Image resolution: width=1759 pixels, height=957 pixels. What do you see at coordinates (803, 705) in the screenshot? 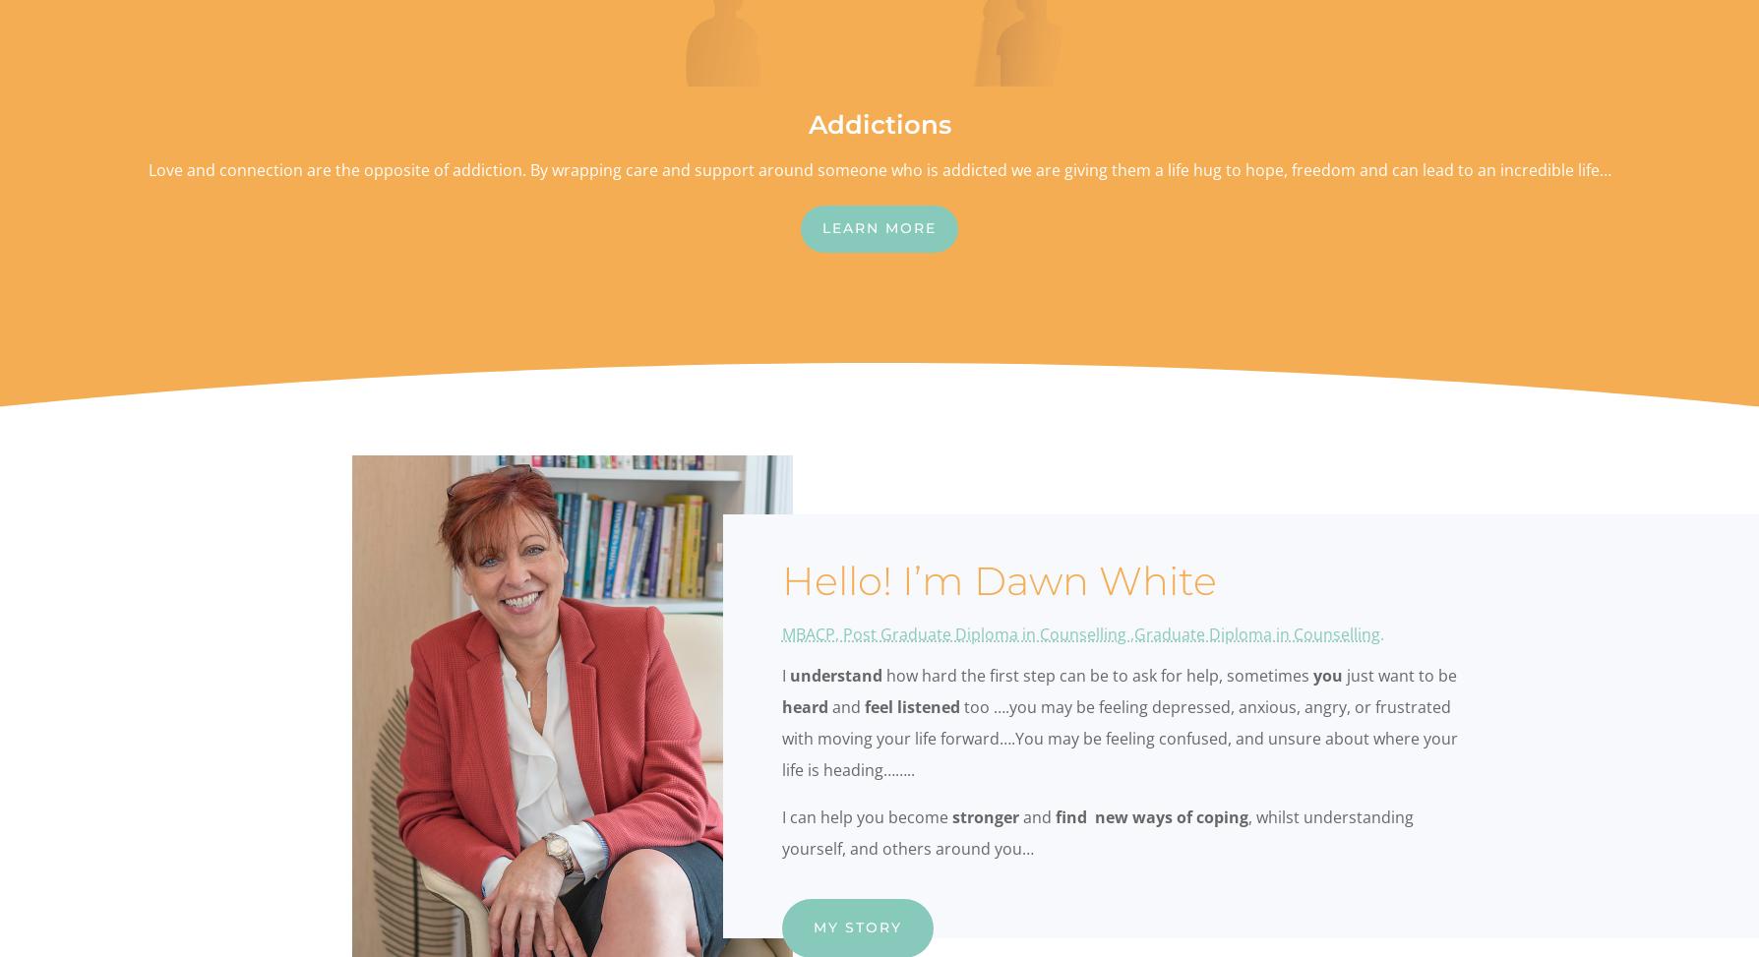
I see `'heard'` at bounding box center [803, 705].